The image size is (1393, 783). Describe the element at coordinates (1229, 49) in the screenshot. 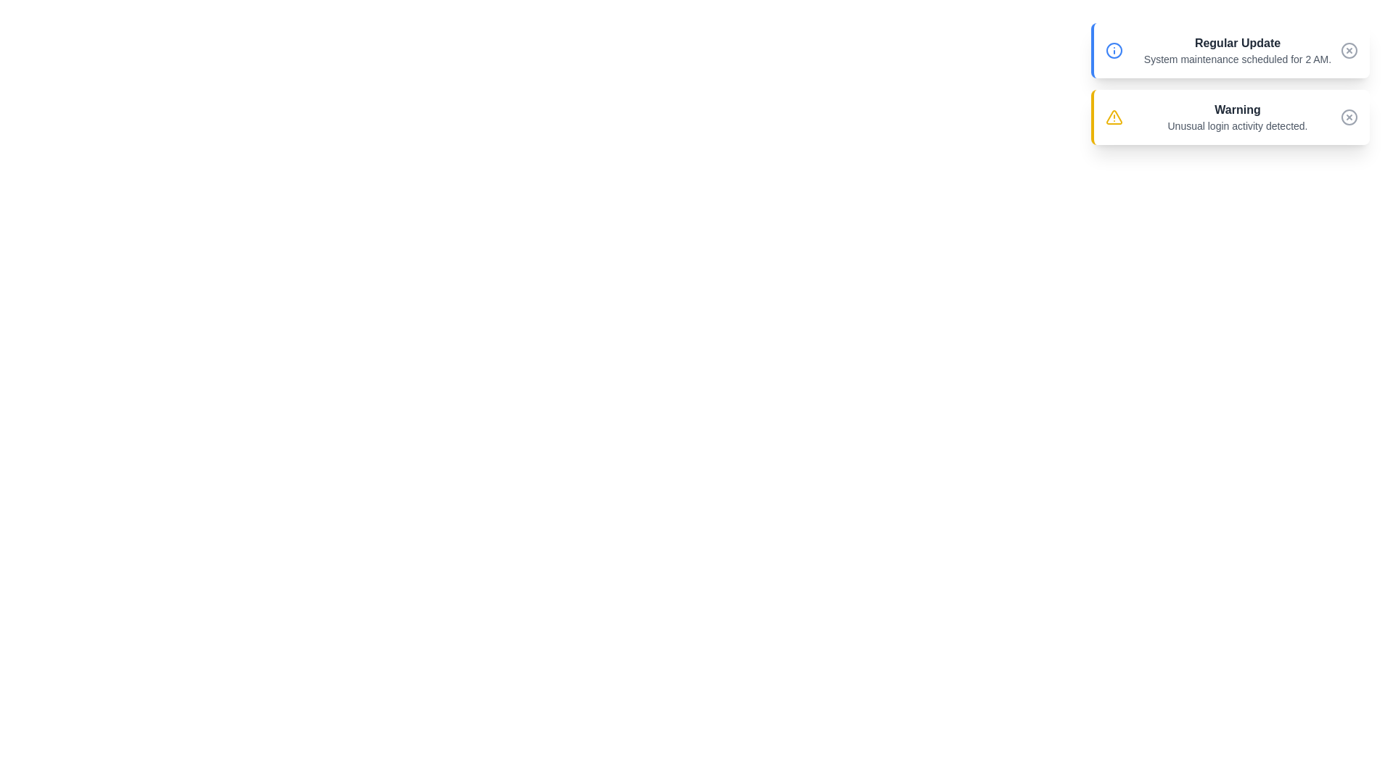

I see `the notification item to view its details` at that location.